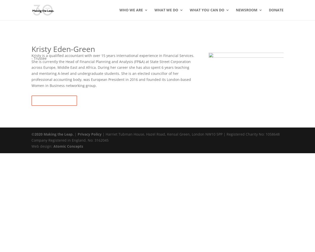  What do you see at coordinates (136, 61) in the screenshot?
I see `'Impact'` at bounding box center [136, 61].